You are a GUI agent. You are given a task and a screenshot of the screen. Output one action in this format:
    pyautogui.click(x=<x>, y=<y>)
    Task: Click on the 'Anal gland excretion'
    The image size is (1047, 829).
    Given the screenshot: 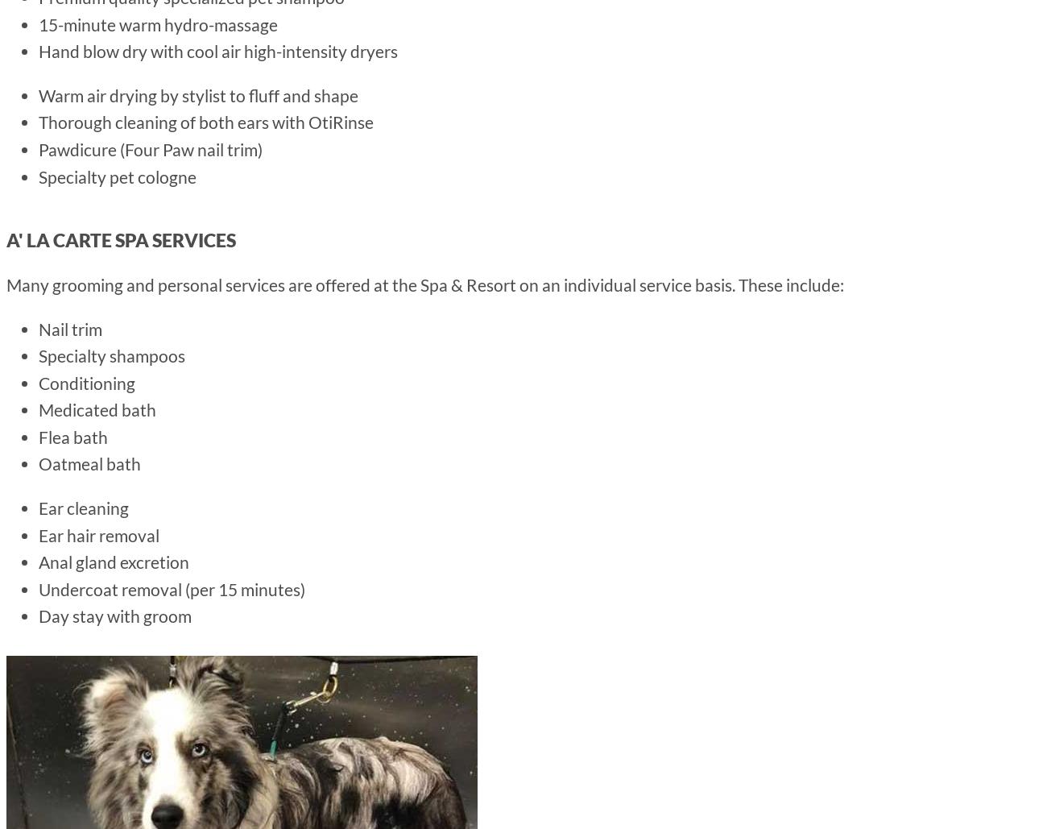 What is the action you would take?
    pyautogui.click(x=37, y=561)
    